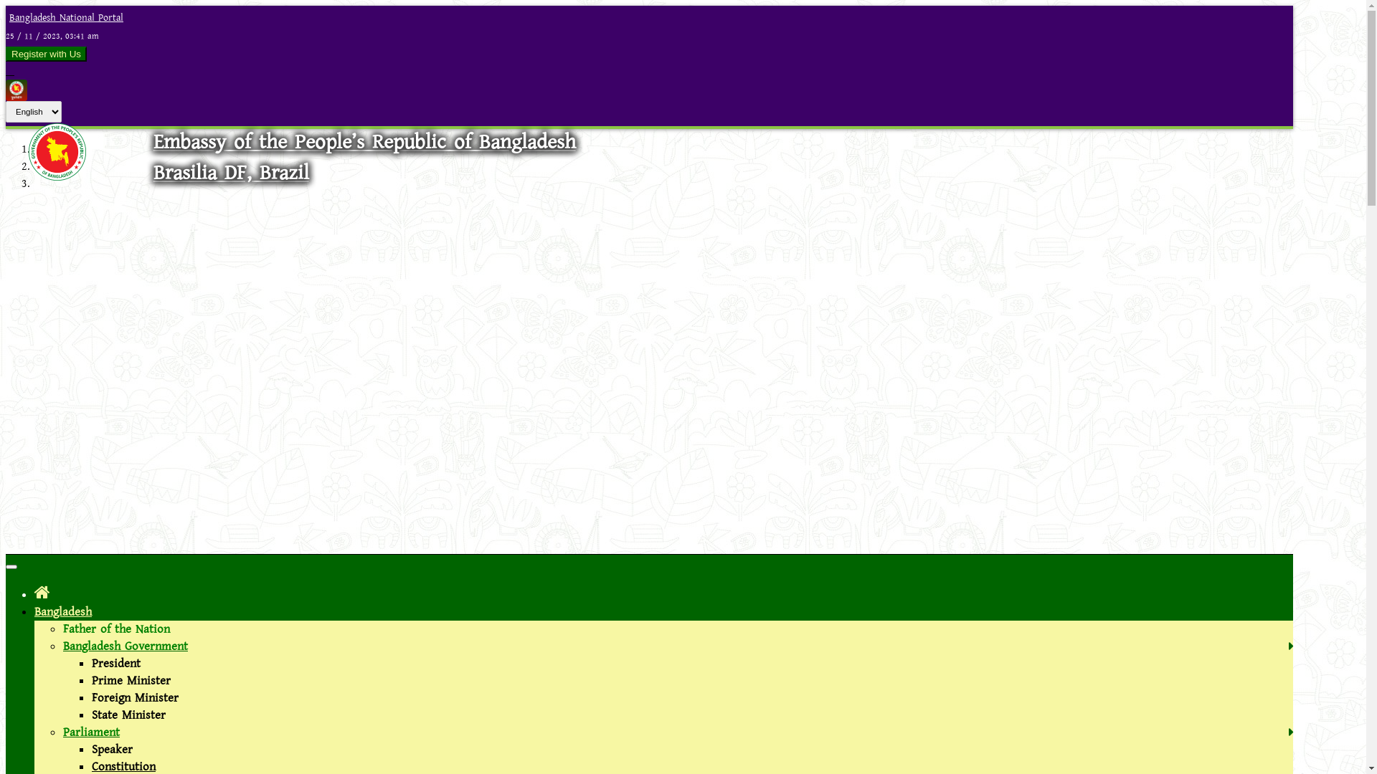  What do you see at coordinates (125, 646) in the screenshot?
I see `'Bangladesh Government'` at bounding box center [125, 646].